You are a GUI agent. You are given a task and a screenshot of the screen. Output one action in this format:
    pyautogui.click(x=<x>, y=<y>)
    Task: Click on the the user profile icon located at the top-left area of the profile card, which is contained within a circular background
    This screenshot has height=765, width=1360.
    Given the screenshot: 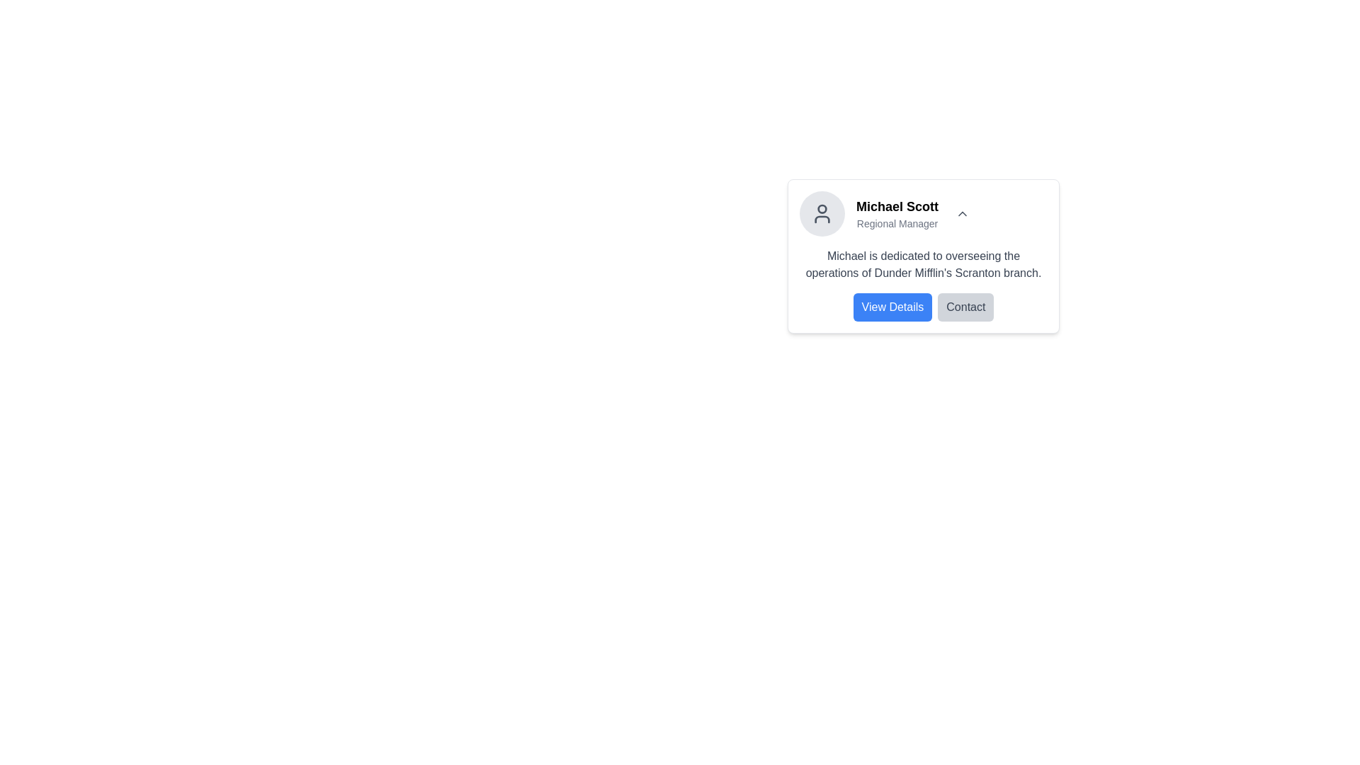 What is the action you would take?
    pyautogui.click(x=822, y=213)
    